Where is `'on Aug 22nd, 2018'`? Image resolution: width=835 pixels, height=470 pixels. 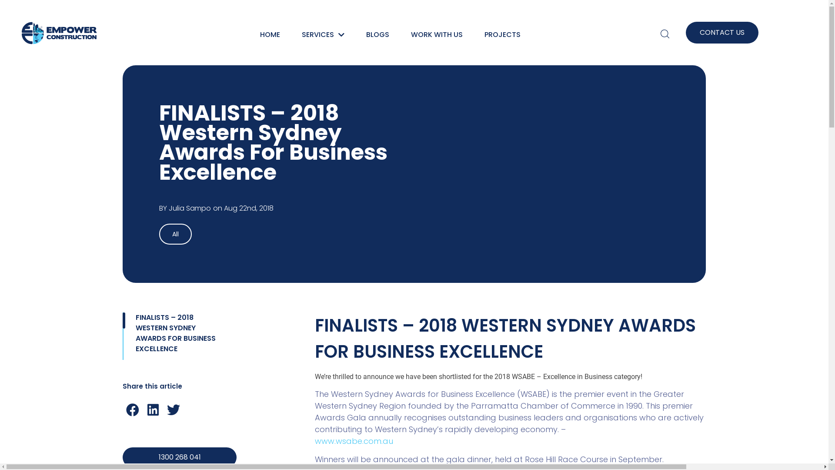 'on Aug 22nd, 2018' is located at coordinates (243, 208).